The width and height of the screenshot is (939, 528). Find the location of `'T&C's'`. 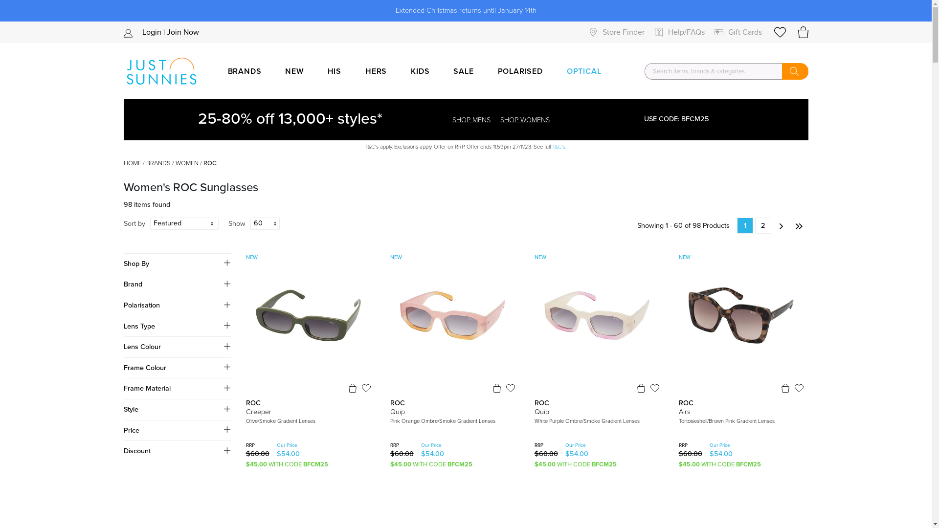

'T&C's' is located at coordinates (559, 147).